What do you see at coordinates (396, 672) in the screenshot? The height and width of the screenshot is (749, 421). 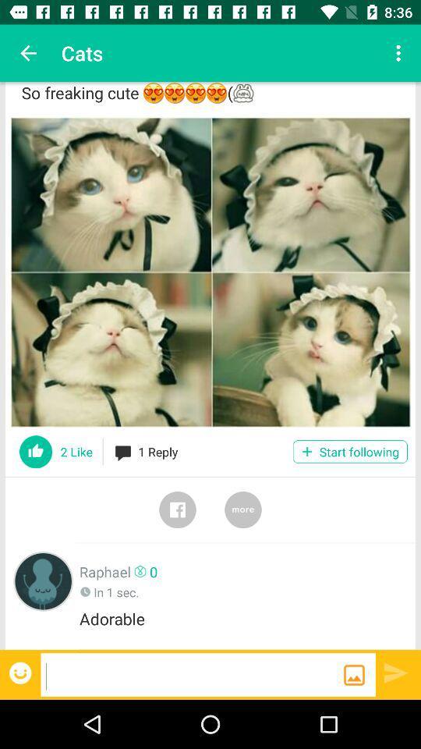 I see `go arrow option` at bounding box center [396, 672].